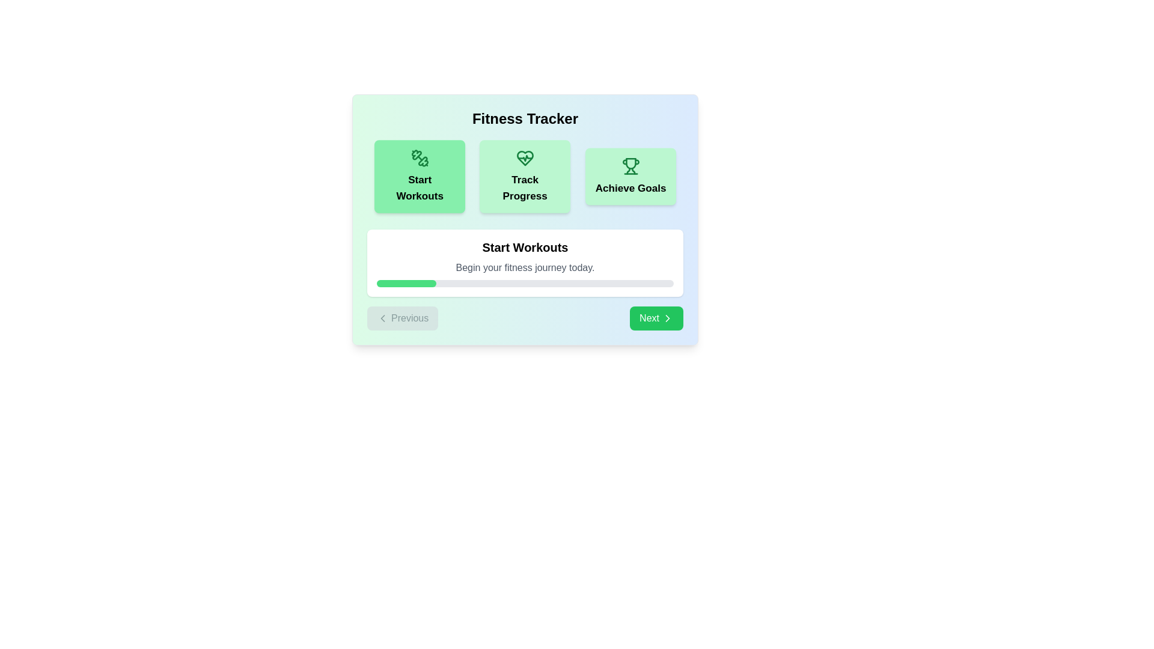 This screenshot has height=649, width=1154. I want to click on the green dumbbell icon in the 'Start Workouts' card, so click(420, 157).